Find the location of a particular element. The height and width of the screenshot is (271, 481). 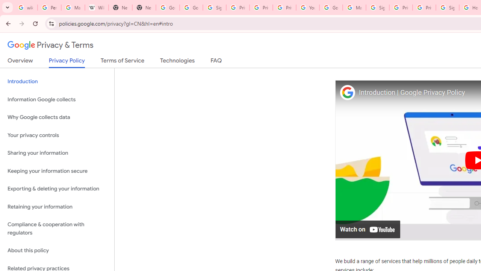

'Information Google collects' is located at coordinates (57, 99).